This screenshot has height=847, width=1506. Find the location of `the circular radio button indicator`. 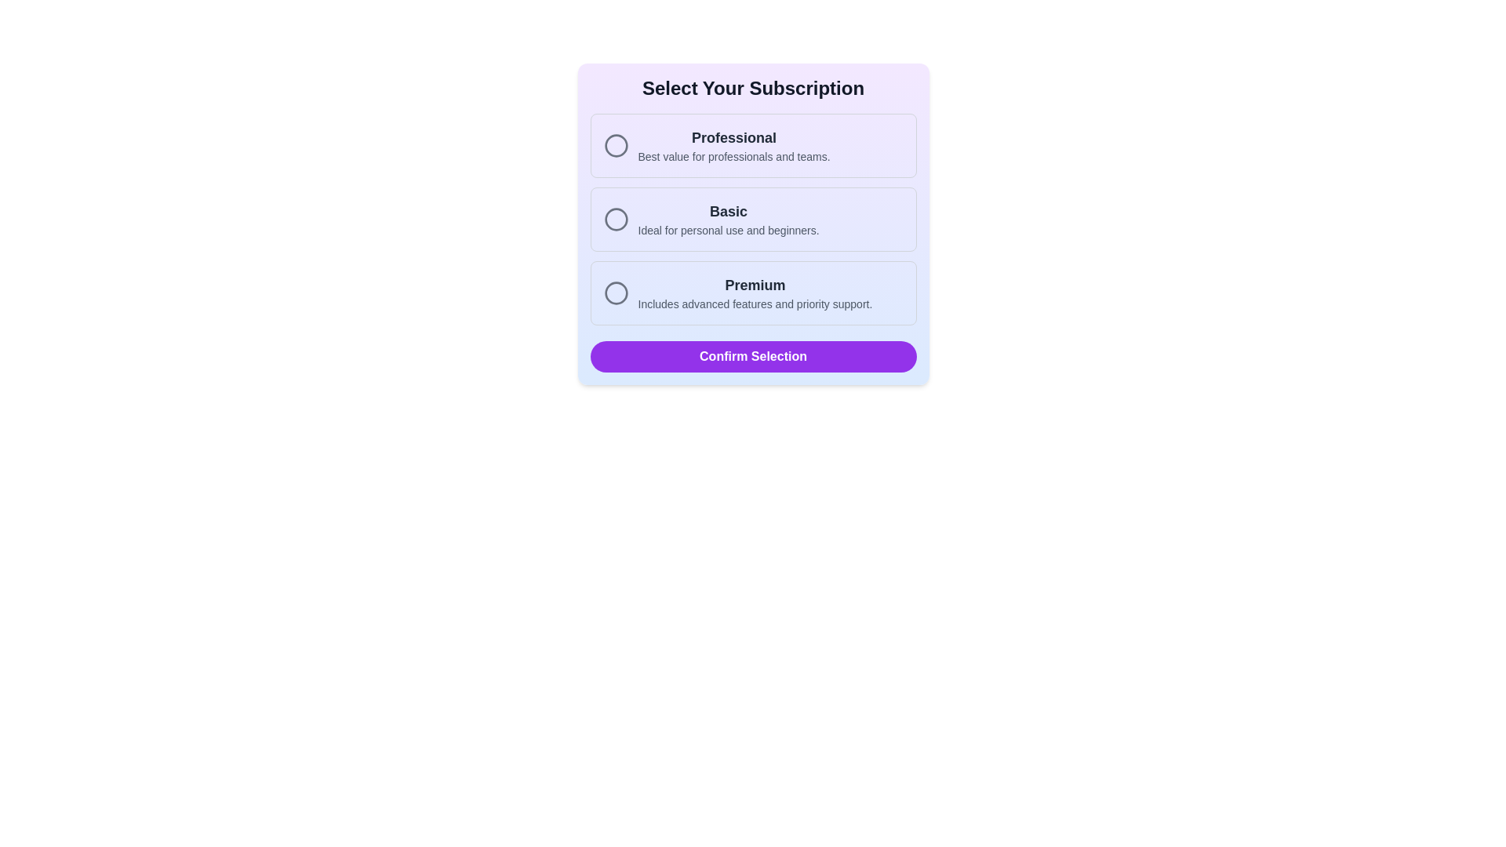

the circular radio button indicator is located at coordinates (615, 293).